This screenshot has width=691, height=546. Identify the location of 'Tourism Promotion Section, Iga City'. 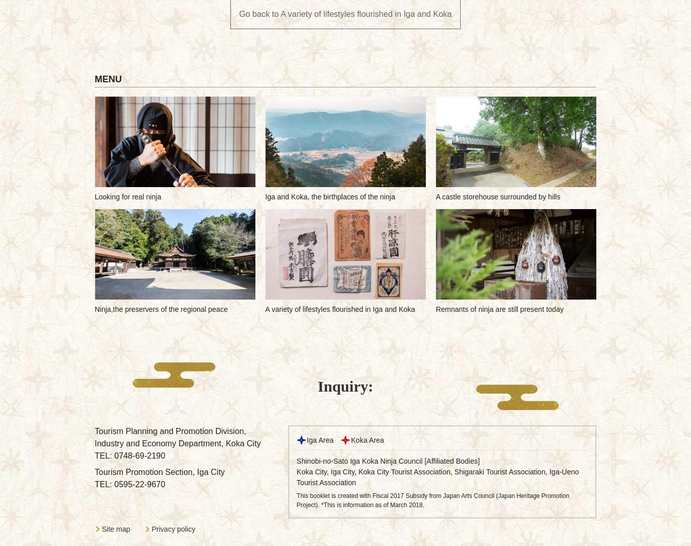
(159, 471).